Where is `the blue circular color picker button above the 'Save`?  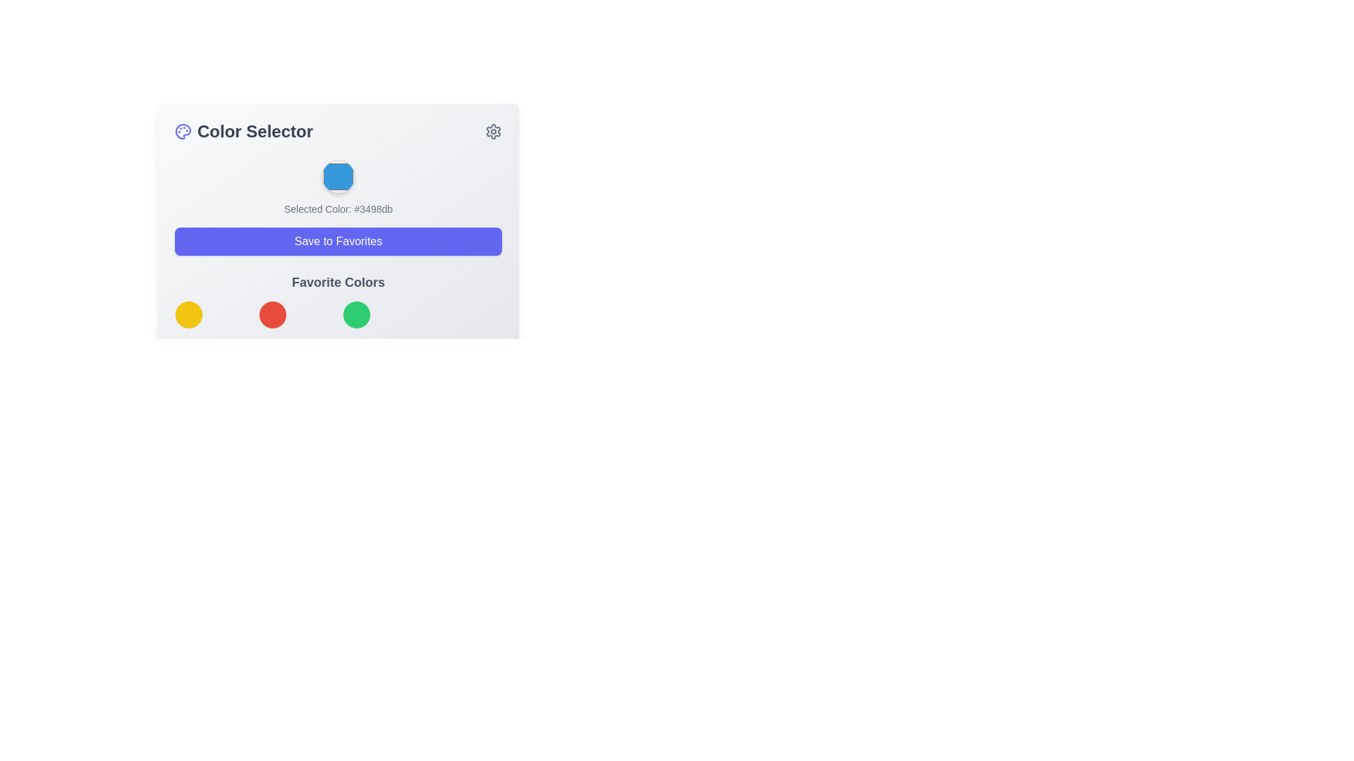
the blue circular color picker button above the 'Save is located at coordinates (338, 187).